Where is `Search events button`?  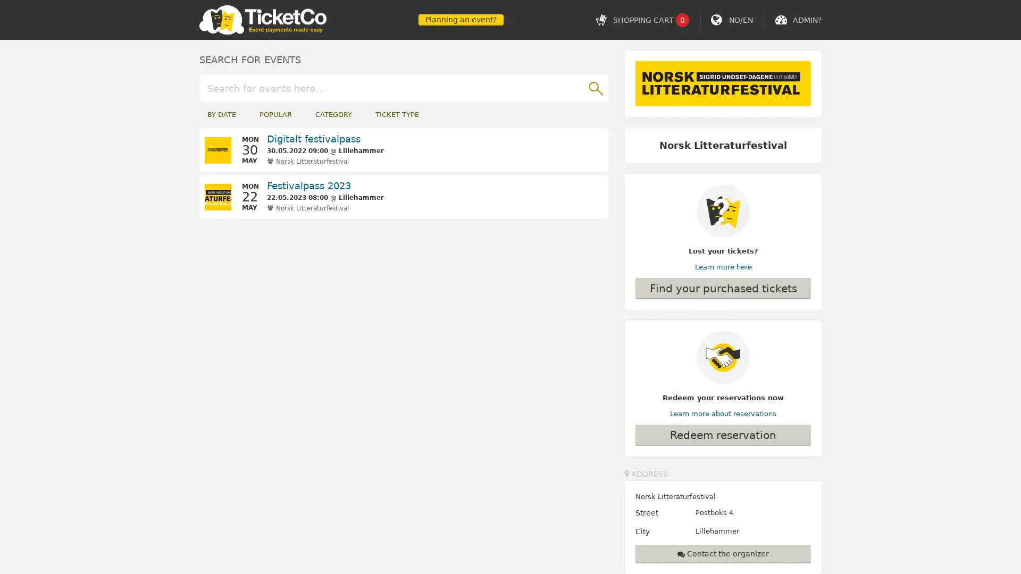 Search events button is located at coordinates (595, 87).